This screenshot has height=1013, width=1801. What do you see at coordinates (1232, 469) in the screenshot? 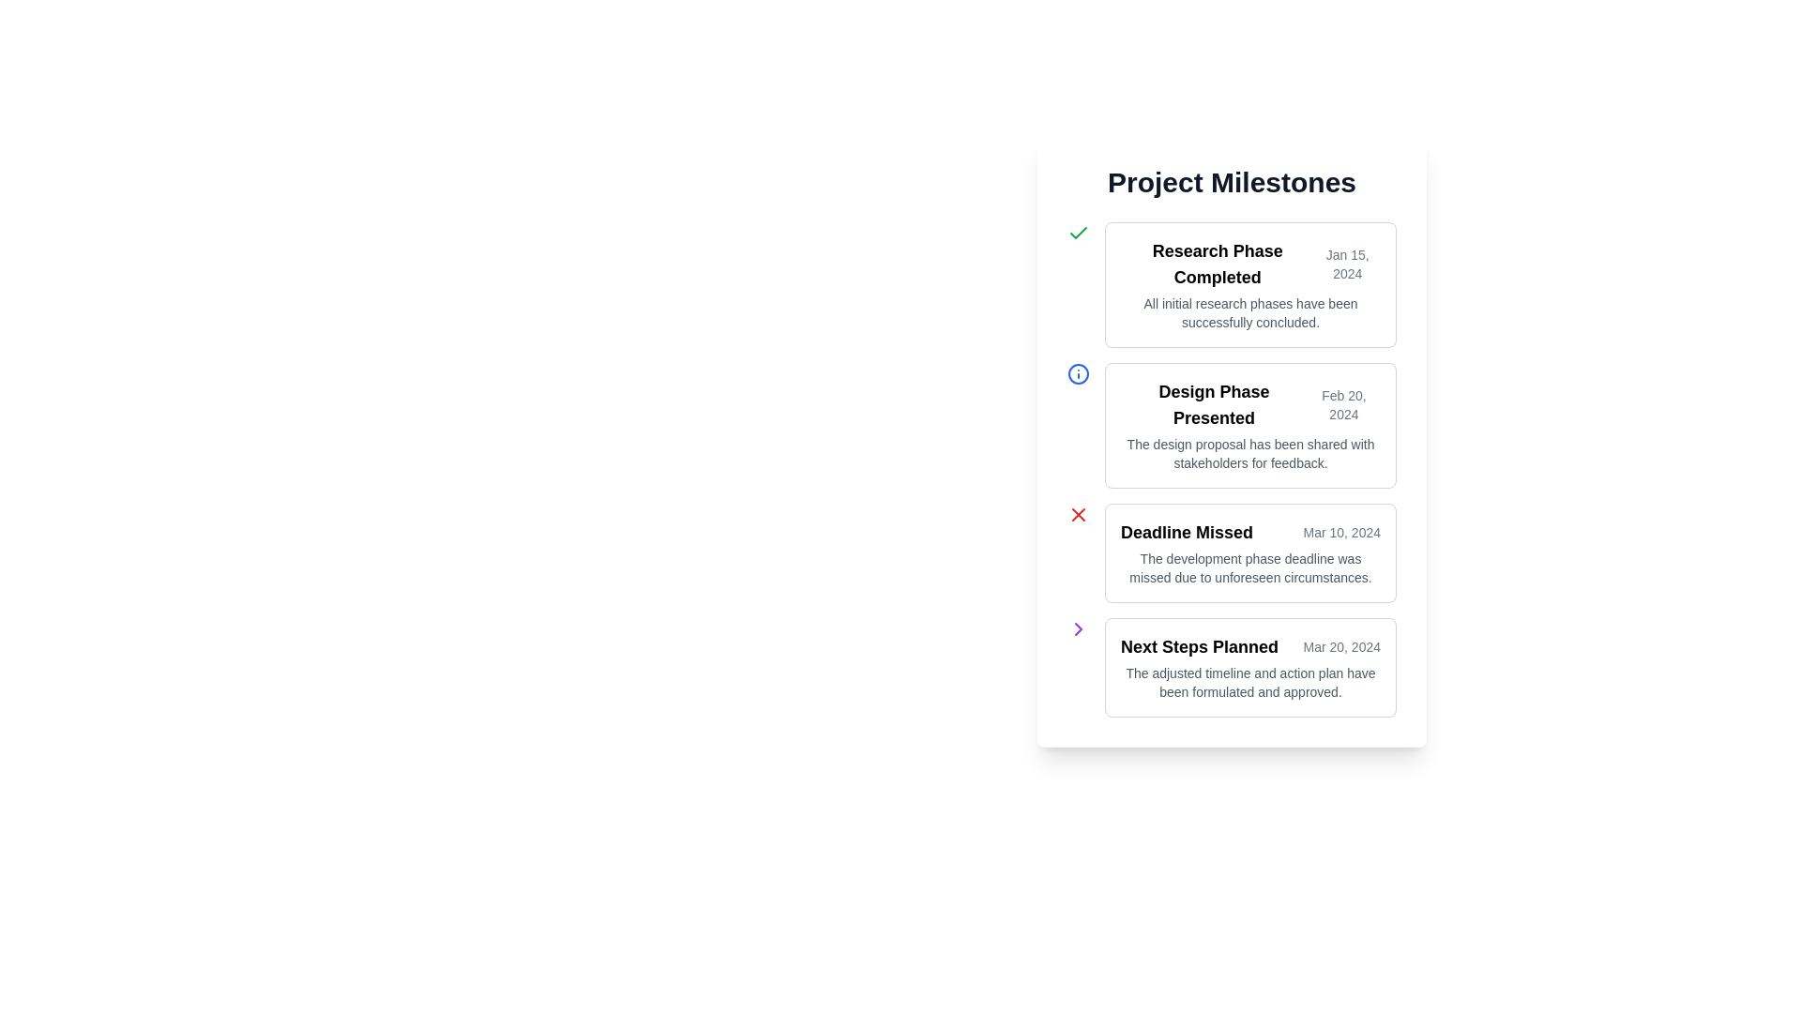
I see `the second item in the vertically aligned list of project milestones to interact with it` at bounding box center [1232, 469].